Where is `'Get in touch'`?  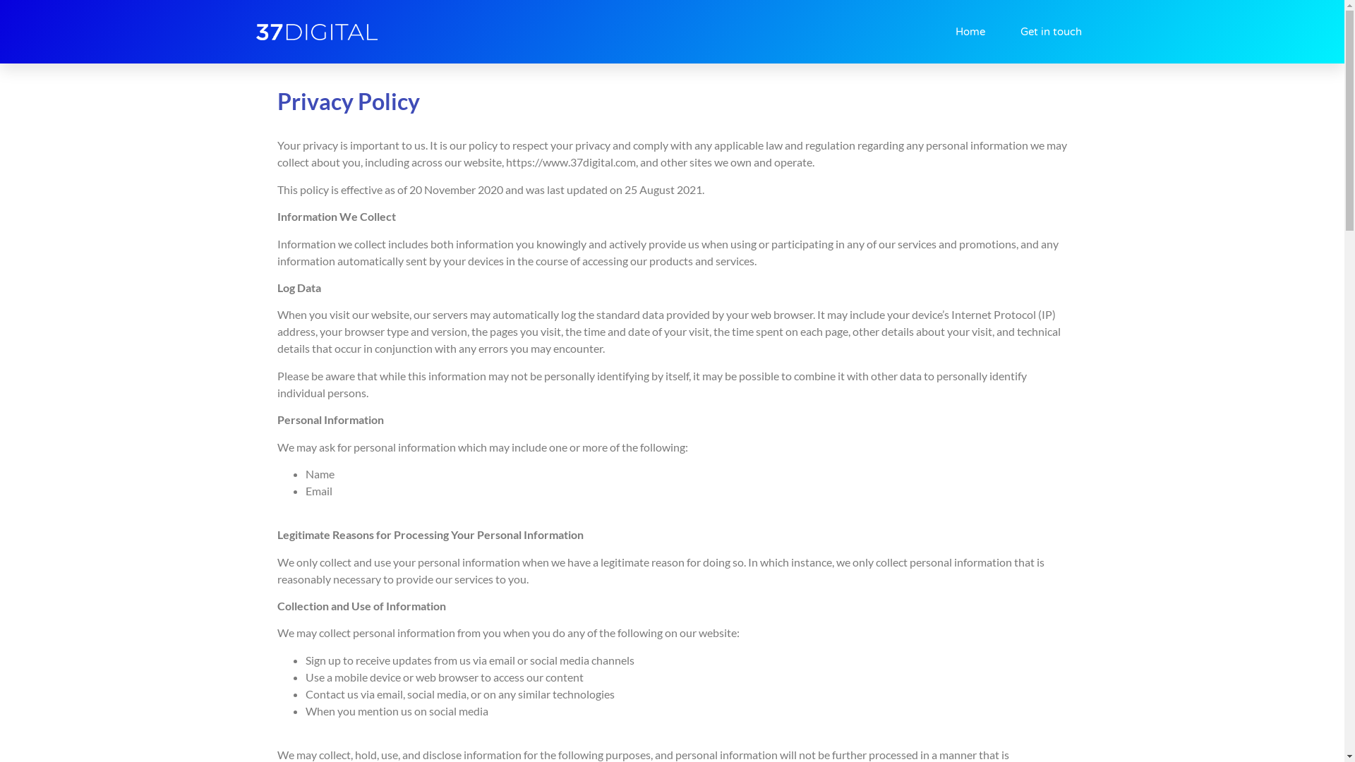
'Get in touch' is located at coordinates (1020, 32).